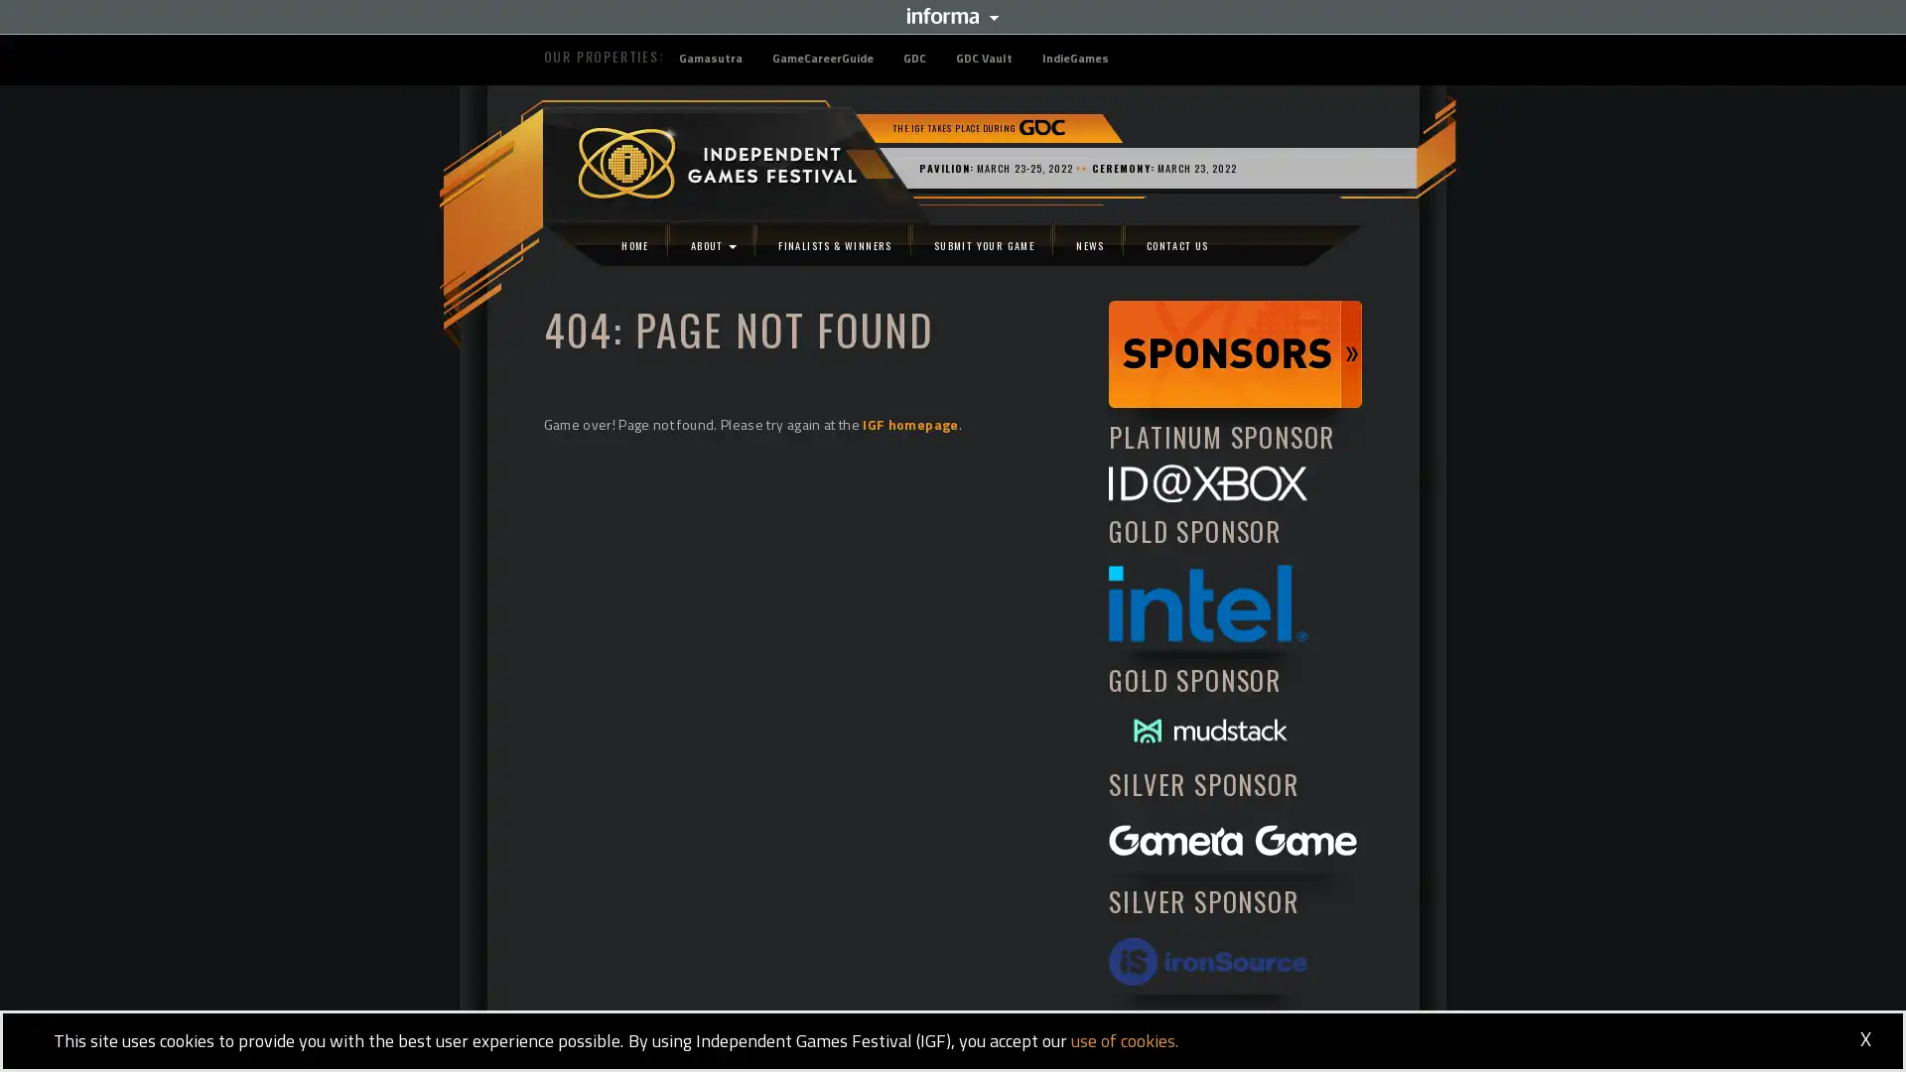  Describe the element at coordinates (953, 15) in the screenshot. I see `Informa` at that location.